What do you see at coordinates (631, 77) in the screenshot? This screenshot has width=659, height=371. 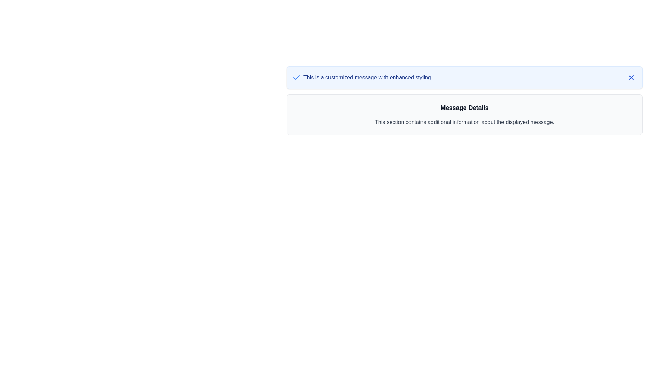 I see `the dismiss button located at the top right corner of the notification message by` at bounding box center [631, 77].